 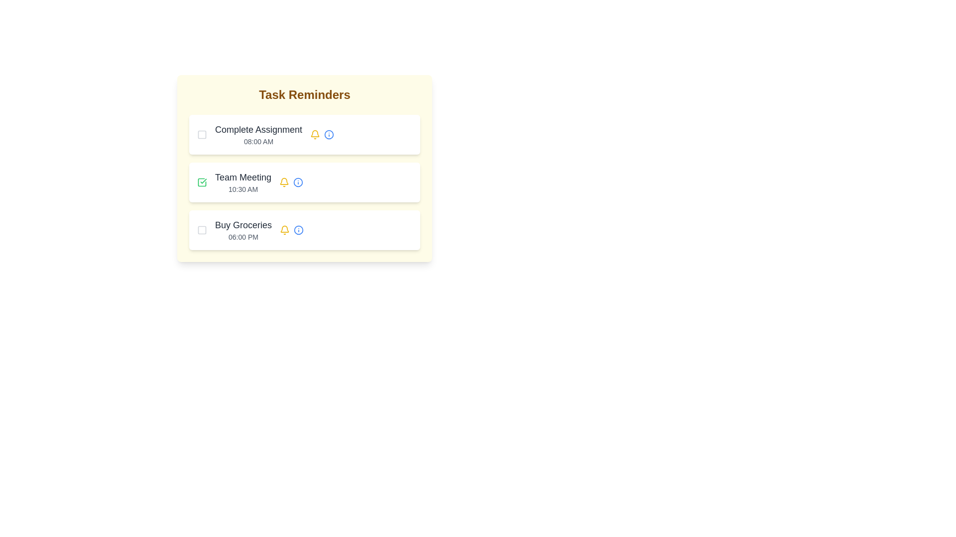 I want to click on the 'Buy Groceries' task reminder element, which displays the text in larger font size and is vertically arranged in a list of task reminders, so click(x=243, y=230).